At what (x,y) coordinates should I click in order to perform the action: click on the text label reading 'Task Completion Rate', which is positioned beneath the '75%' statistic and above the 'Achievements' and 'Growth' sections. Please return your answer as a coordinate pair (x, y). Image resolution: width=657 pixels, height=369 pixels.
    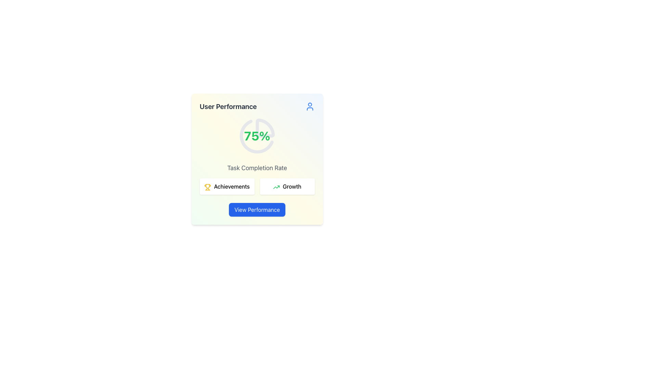
    Looking at the image, I should click on (257, 168).